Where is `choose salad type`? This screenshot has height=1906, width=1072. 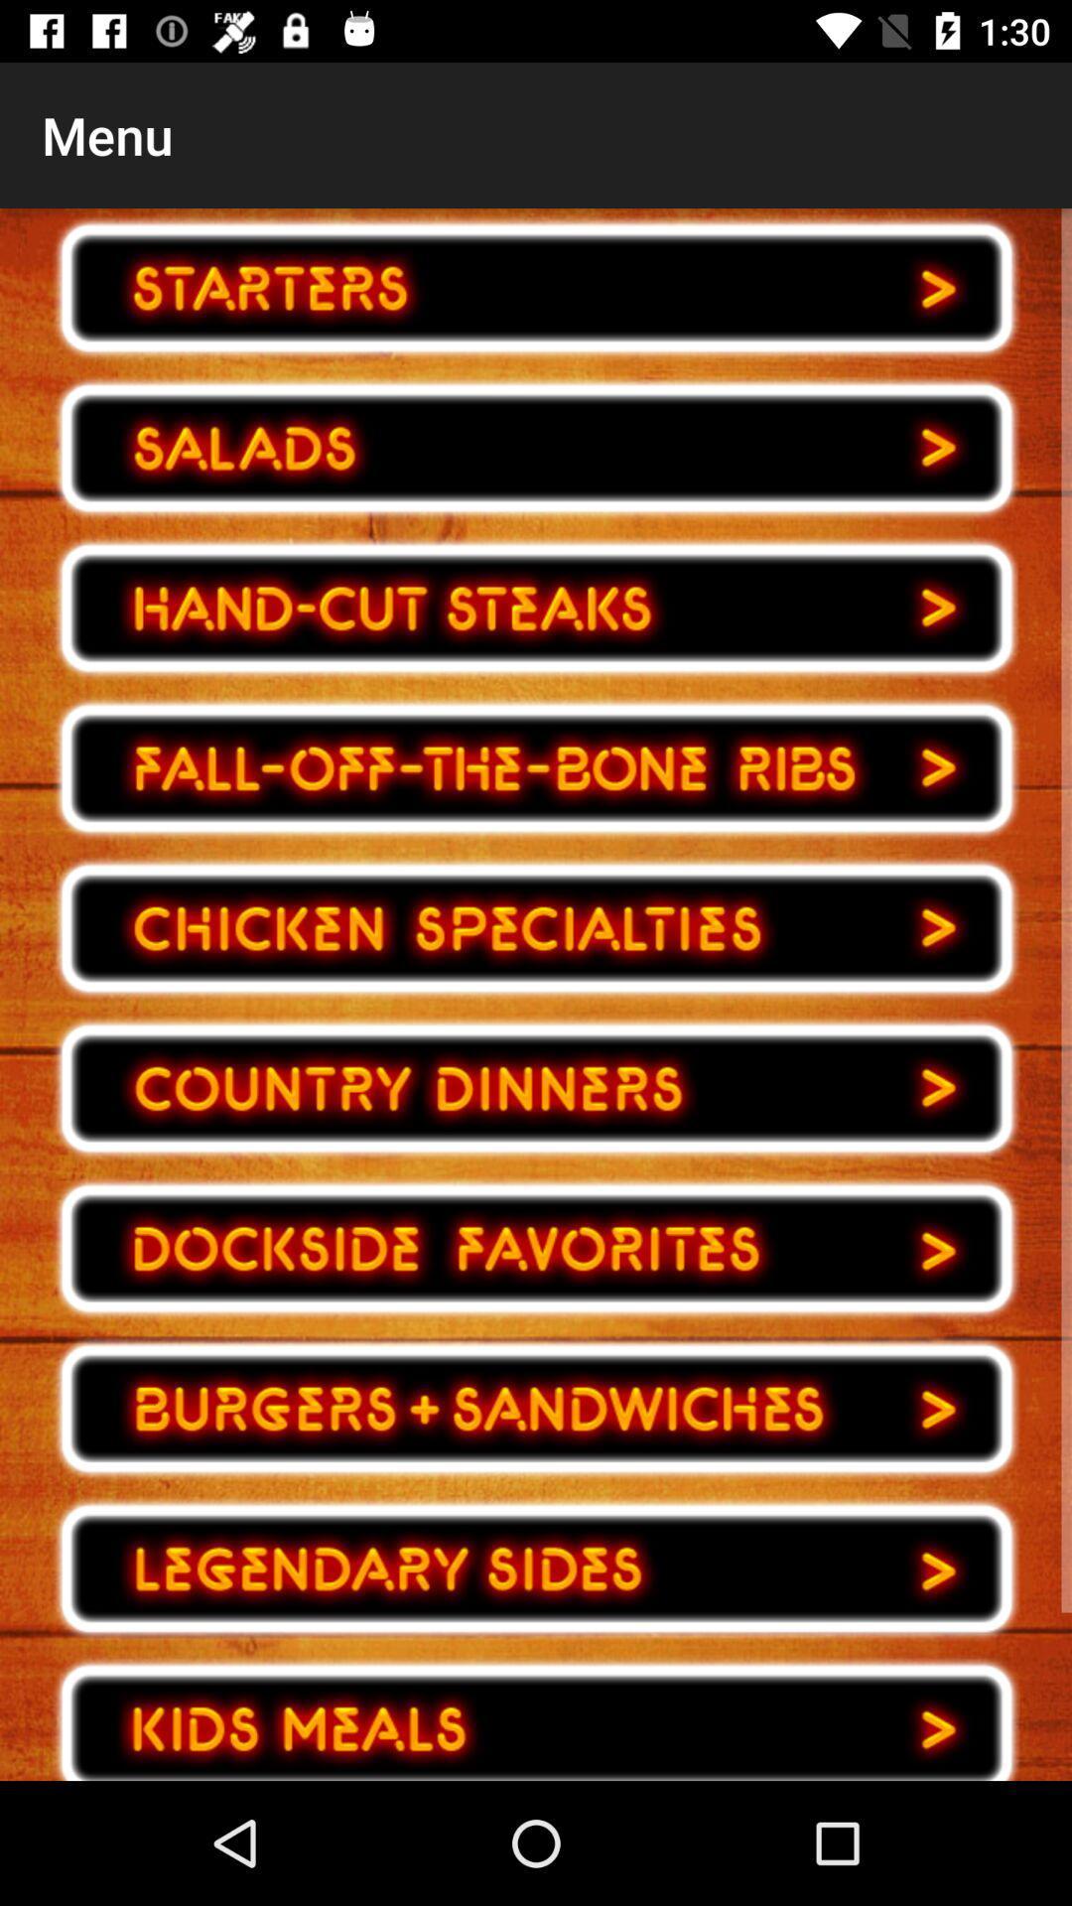
choose salad type is located at coordinates (536, 447).